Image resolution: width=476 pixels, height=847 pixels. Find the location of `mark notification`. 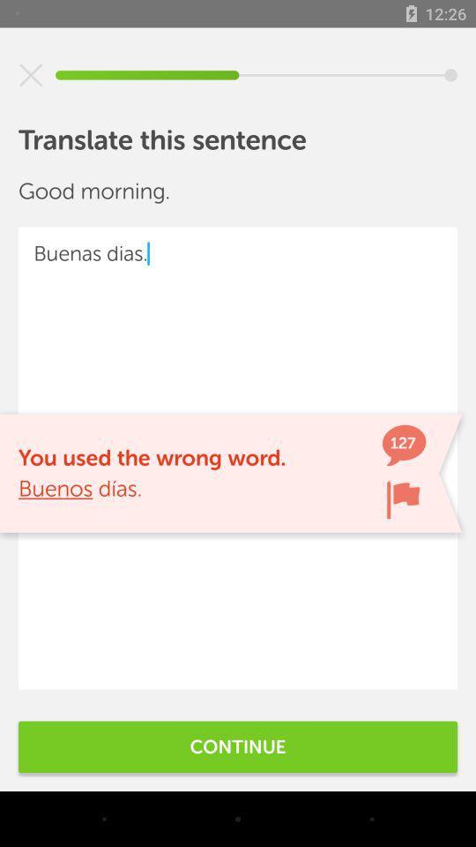

mark notification is located at coordinates (403, 499).